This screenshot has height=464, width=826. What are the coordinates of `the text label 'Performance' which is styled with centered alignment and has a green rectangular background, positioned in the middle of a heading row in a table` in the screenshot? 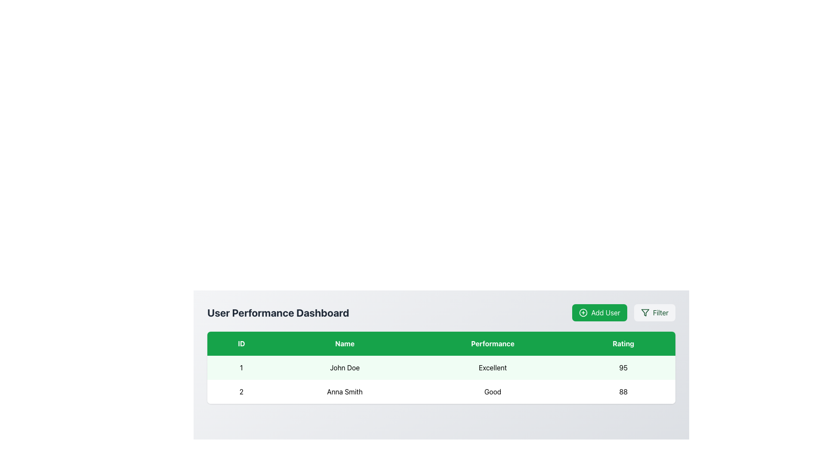 It's located at (493, 343).